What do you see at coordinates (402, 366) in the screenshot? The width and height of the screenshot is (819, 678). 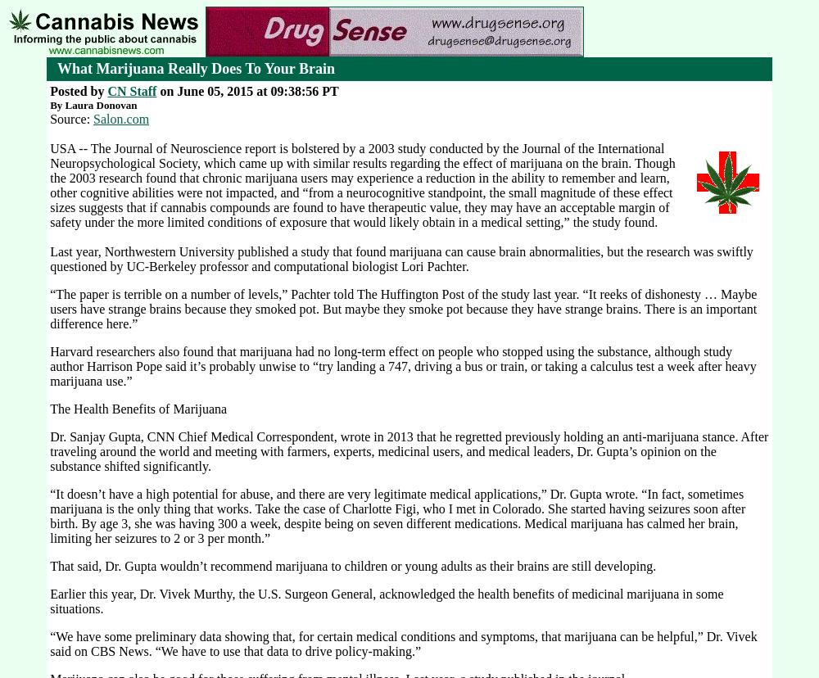 I see `'Harvard researchers also found that marijuana had no long-term effect on people who stopped using the substance, although study author Harrison Pope said it’s probably unwise to “try landing a 747, driving a bus or train, or taking a calculus test a week after heavy marijuana use.”'` at bounding box center [402, 366].